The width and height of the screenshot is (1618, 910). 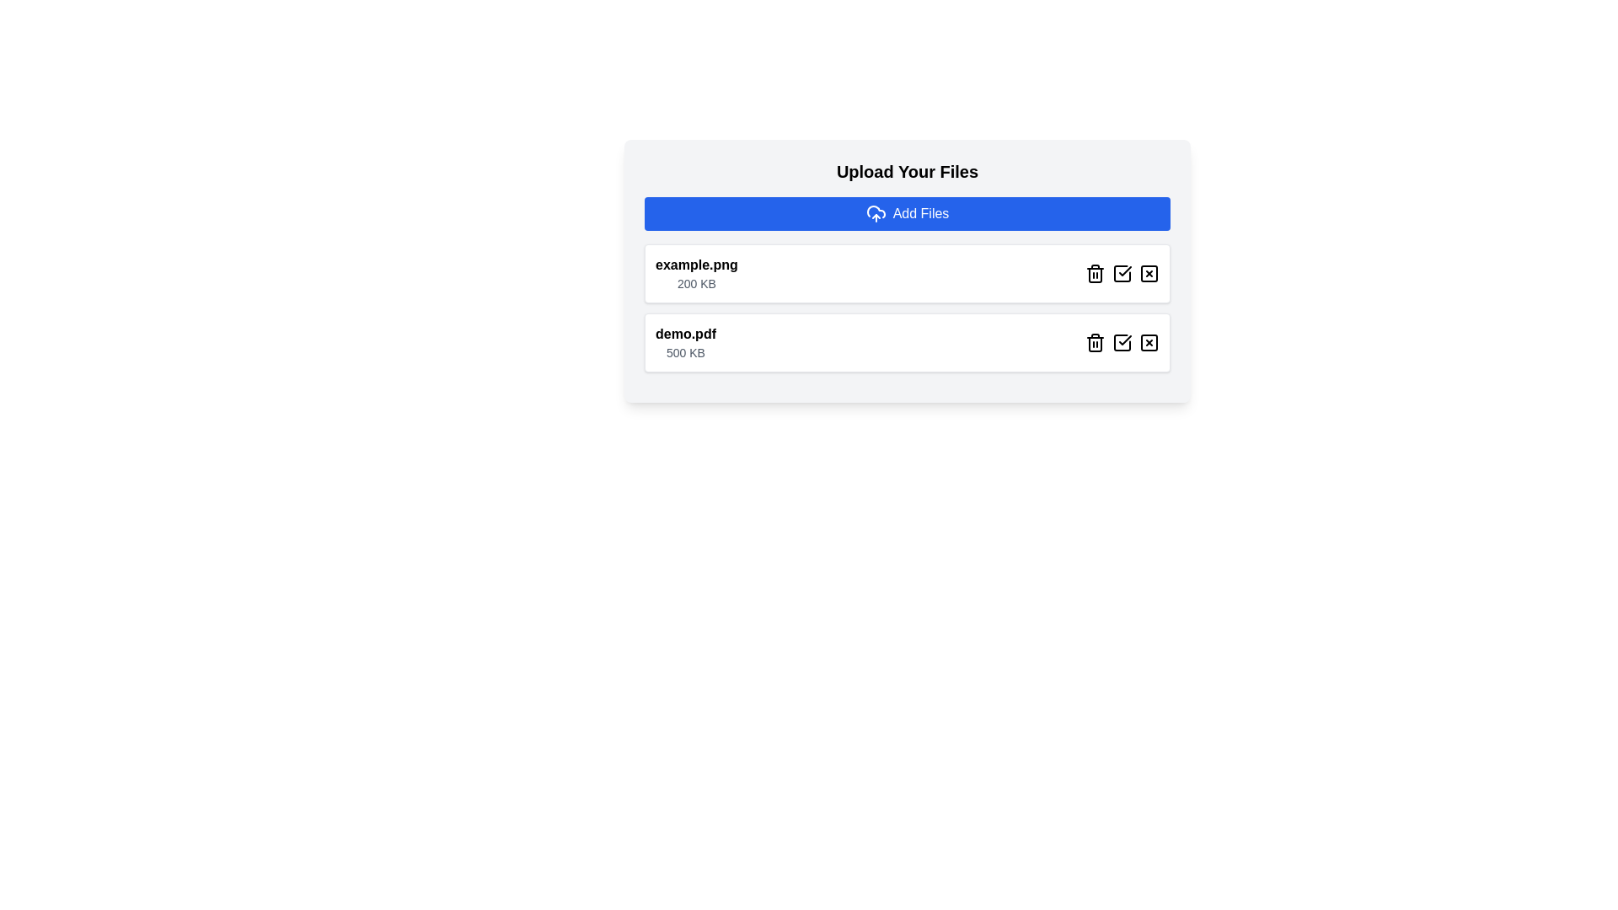 I want to click on the deletion icon button located at the far-right of the second file item in the vertical list, so click(x=1148, y=342).